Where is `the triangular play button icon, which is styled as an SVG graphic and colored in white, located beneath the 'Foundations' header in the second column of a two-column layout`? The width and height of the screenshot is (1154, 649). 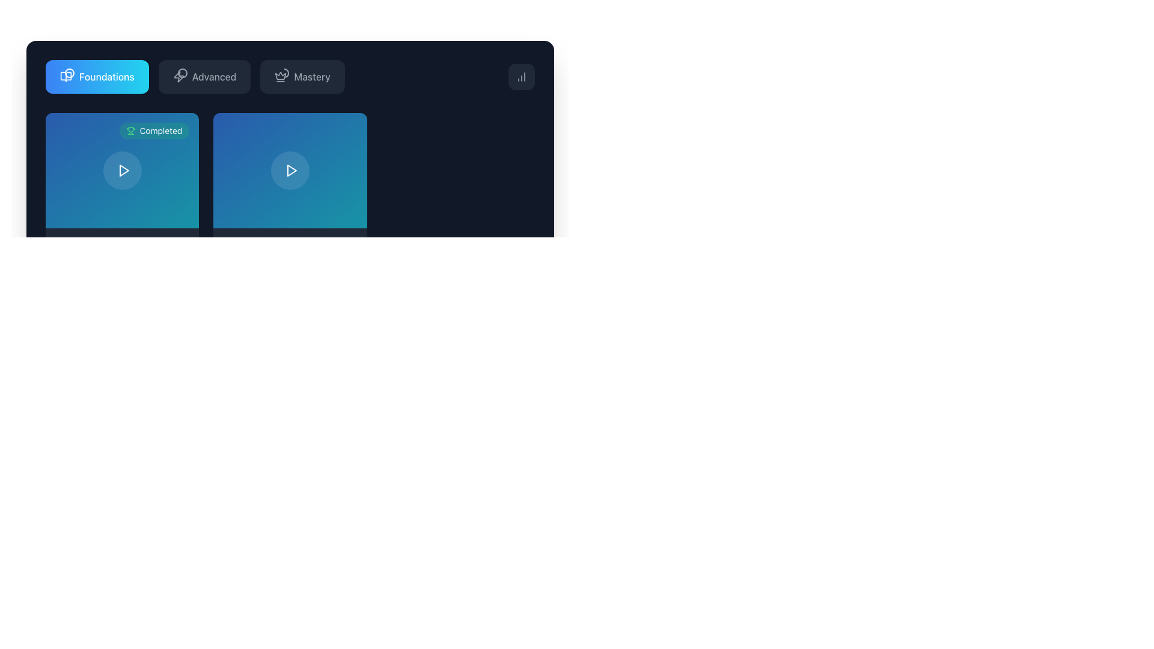
the triangular play button icon, which is styled as an SVG graphic and colored in white, located beneath the 'Foundations' header in the second column of a two-column layout is located at coordinates (292, 171).